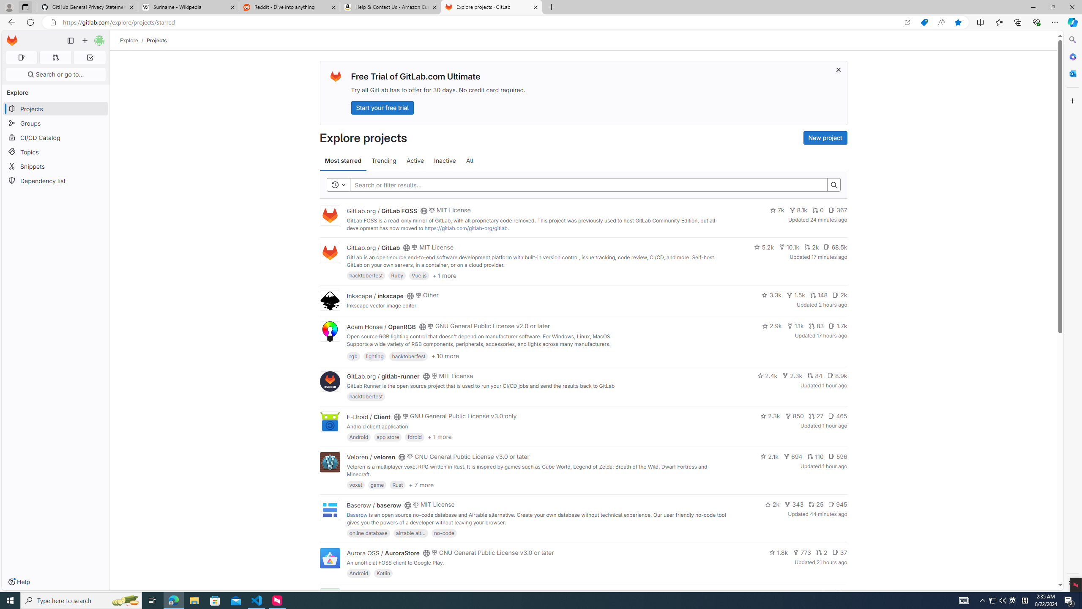 The height and width of the screenshot is (609, 1082). Describe the element at coordinates (391, 7) in the screenshot. I see `'Help & Contact Us - Amazon Customer Service'` at that location.